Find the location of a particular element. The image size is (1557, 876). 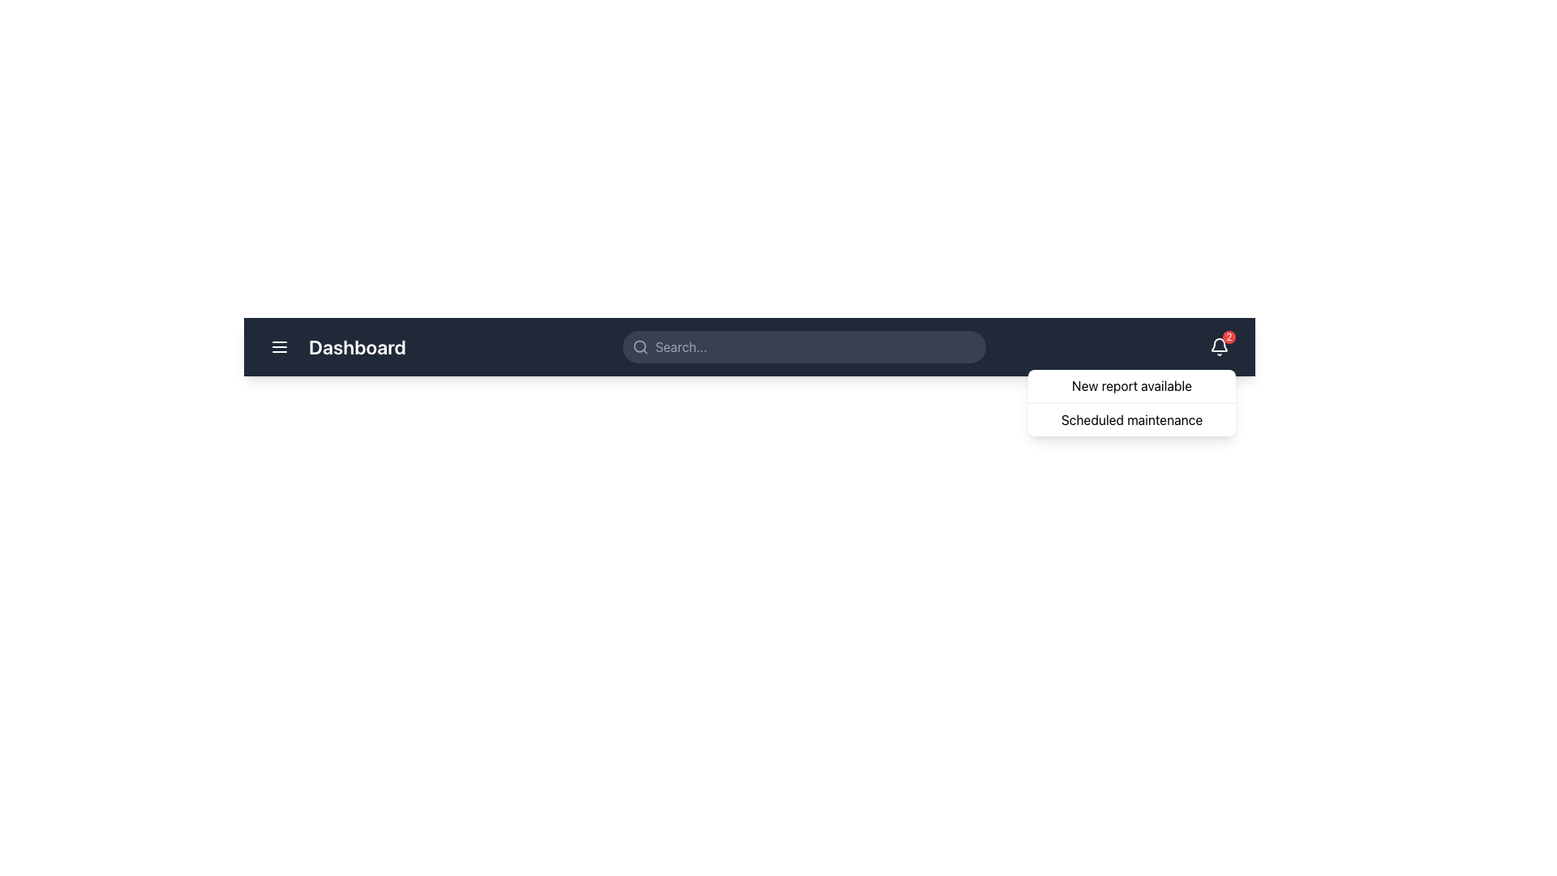

the gray magnifying glass icon located on the left side of the search bar, positioned before the placeholder text 'Search...' is located at coordinates (640, 346).